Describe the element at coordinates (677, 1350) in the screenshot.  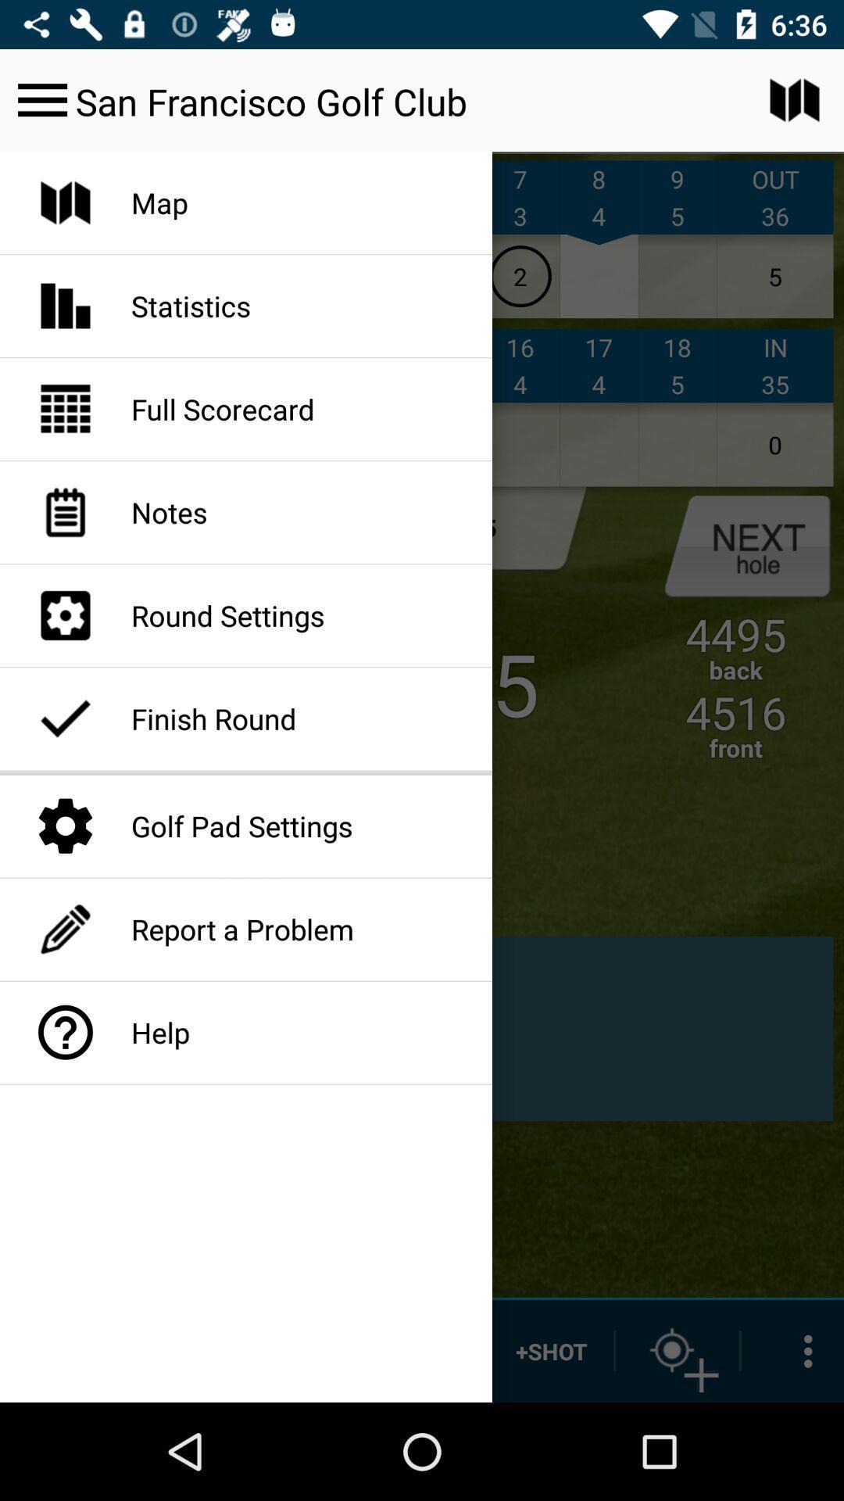
I see `the location_crosshair icon` at that location.